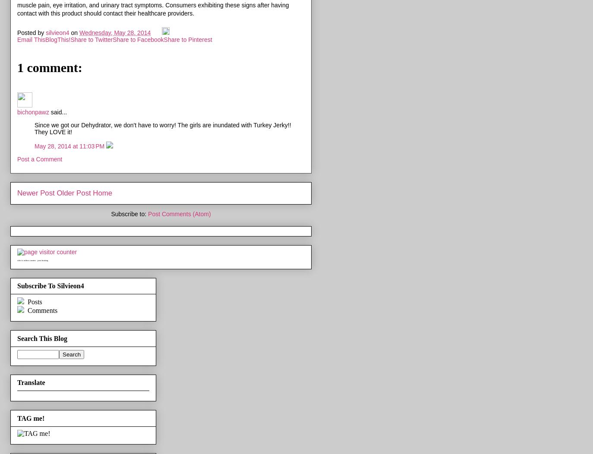  Describe the element at coordinates (188, 39) in the screenshot. I see `'Share to Pinterest'` at that location.